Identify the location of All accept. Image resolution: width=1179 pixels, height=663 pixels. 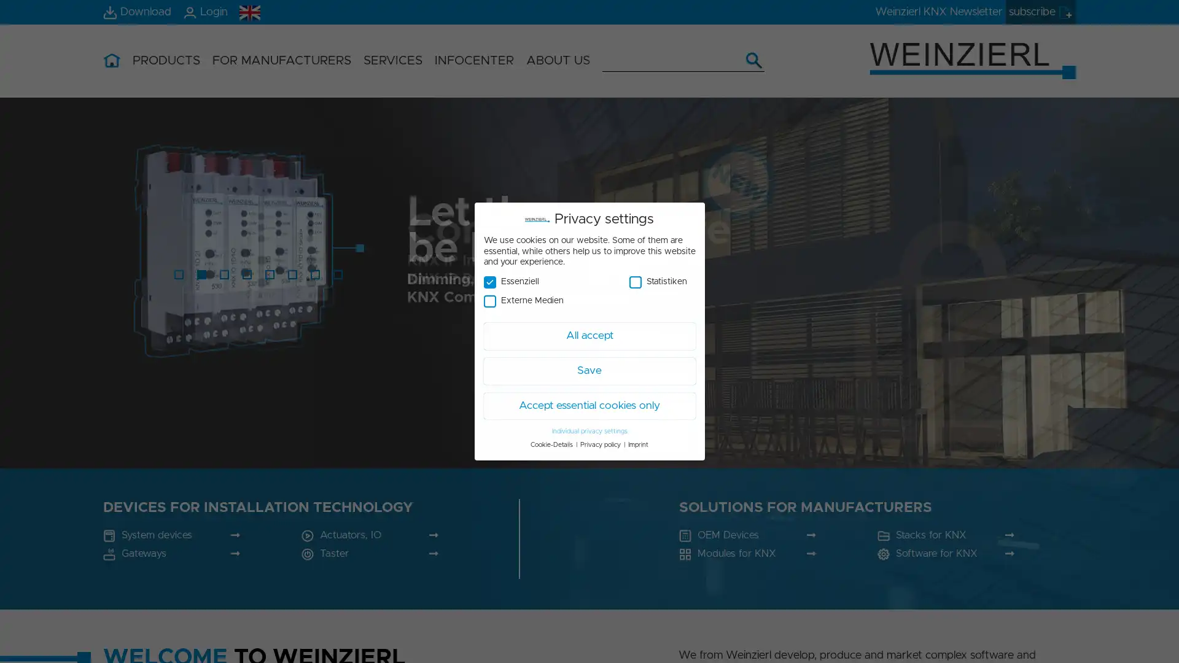
(550, 537).